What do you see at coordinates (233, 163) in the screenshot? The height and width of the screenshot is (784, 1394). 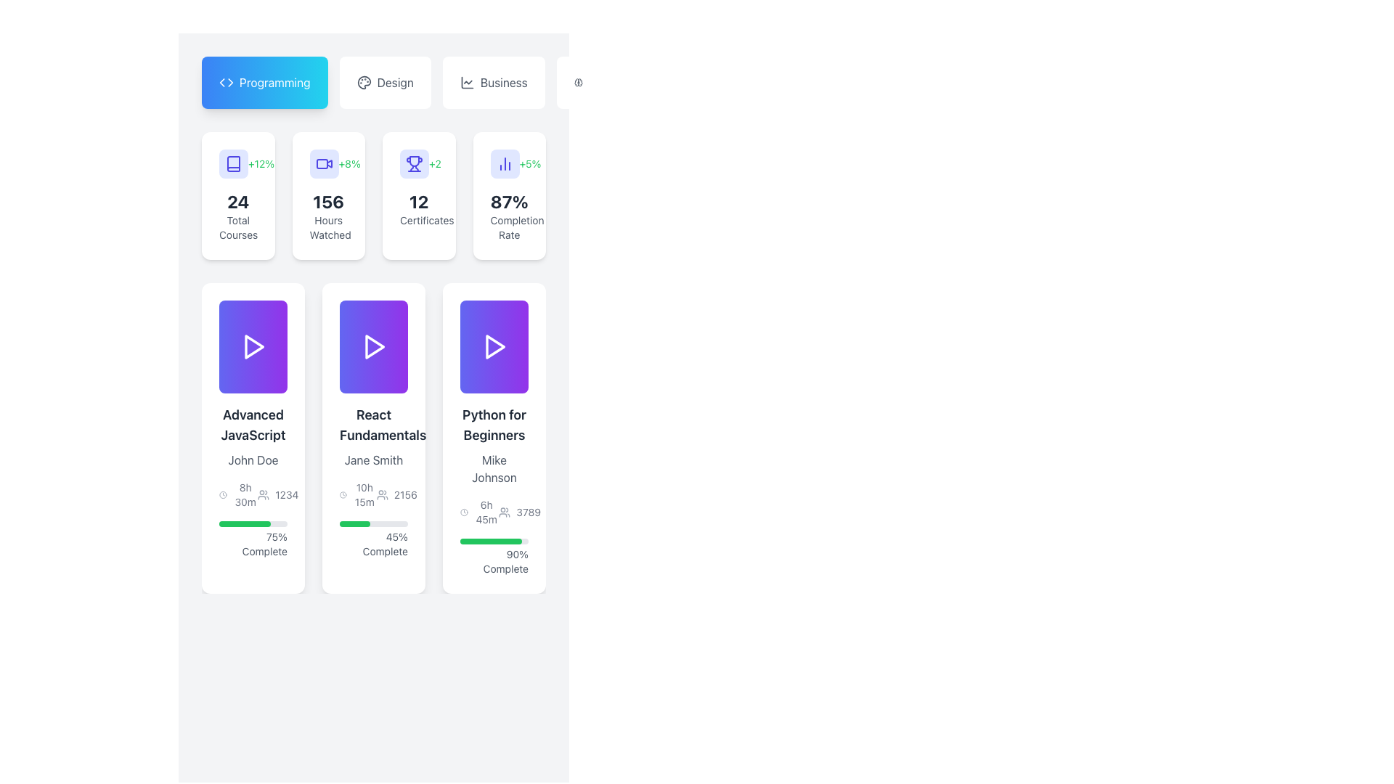 I see `the SVG book icon, which is styled with a thin outline and light indigo color, located at the top left of the card displaying the '24 Total Courses' statistic` at bounding box center [233, 163].